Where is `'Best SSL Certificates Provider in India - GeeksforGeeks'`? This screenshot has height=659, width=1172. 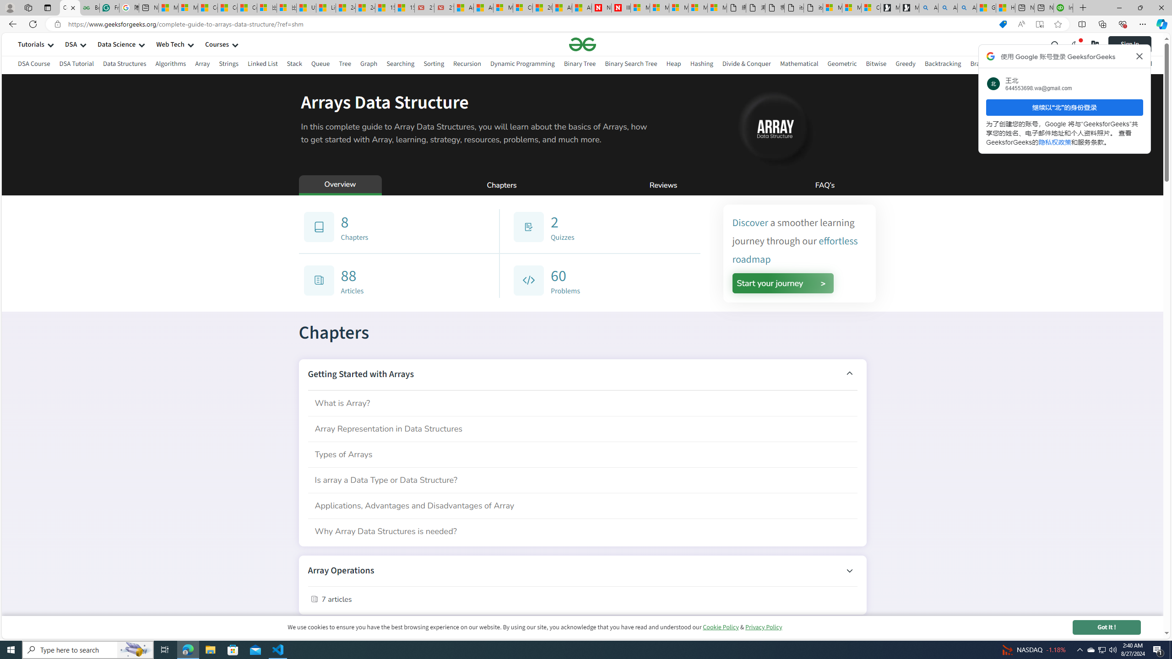
'Best SSL Certificates Provider in India - GeeksforGeeks' is located at coordinates (89, 7).